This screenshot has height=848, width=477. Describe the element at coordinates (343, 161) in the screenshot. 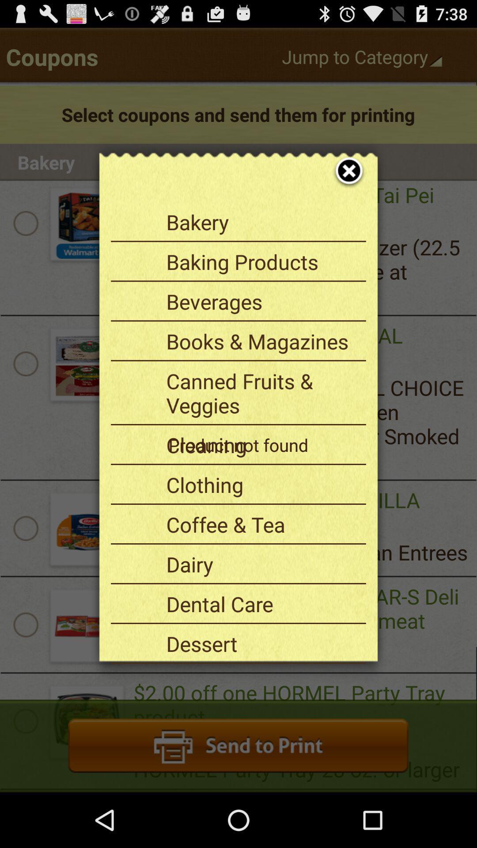

I see `icon at the top right corner` at that location.